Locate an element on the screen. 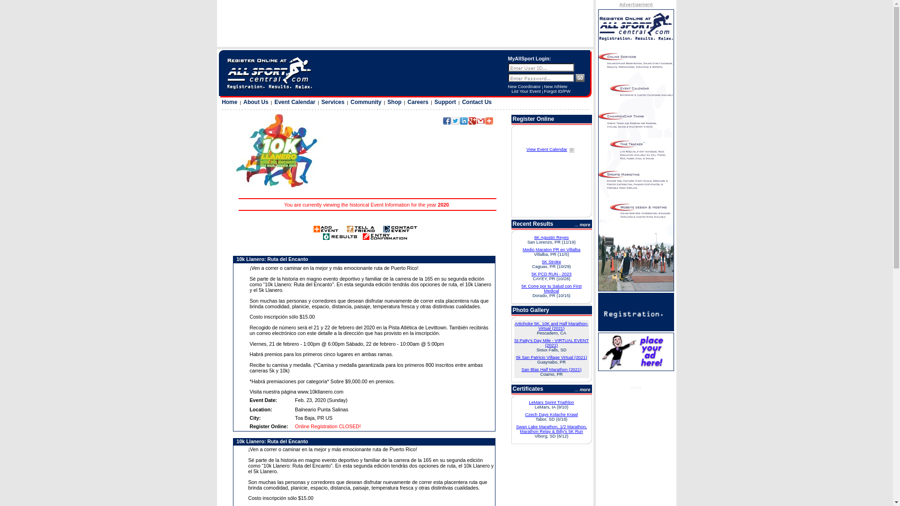 This screenshot has width=900, height=506. ' About Us  | ' is located at coordinates (258, 102).